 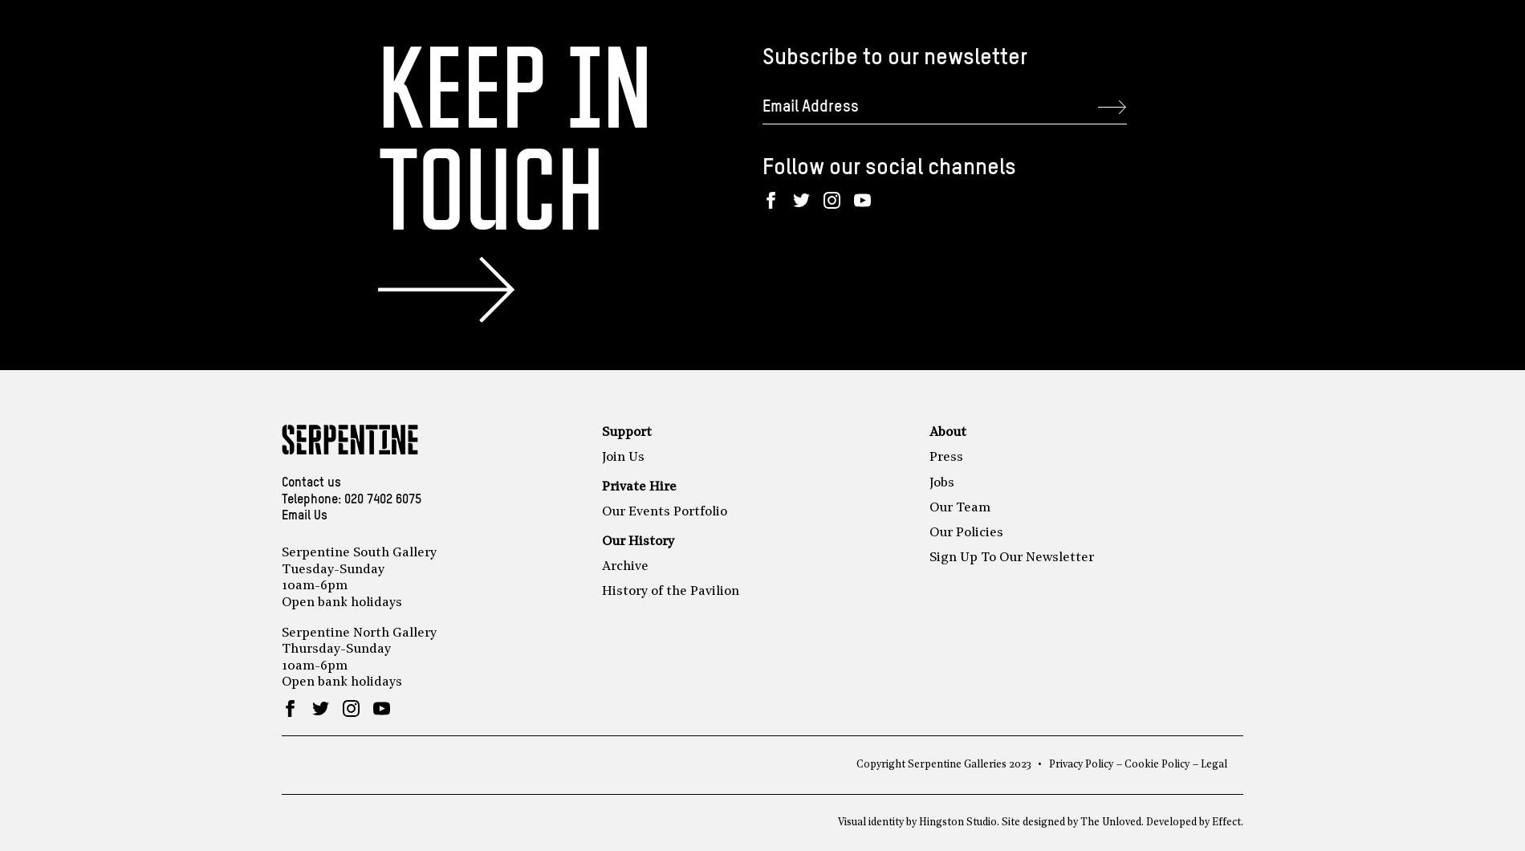 I want to click on 'Cookie Policy', so click(x=1157, y=763).